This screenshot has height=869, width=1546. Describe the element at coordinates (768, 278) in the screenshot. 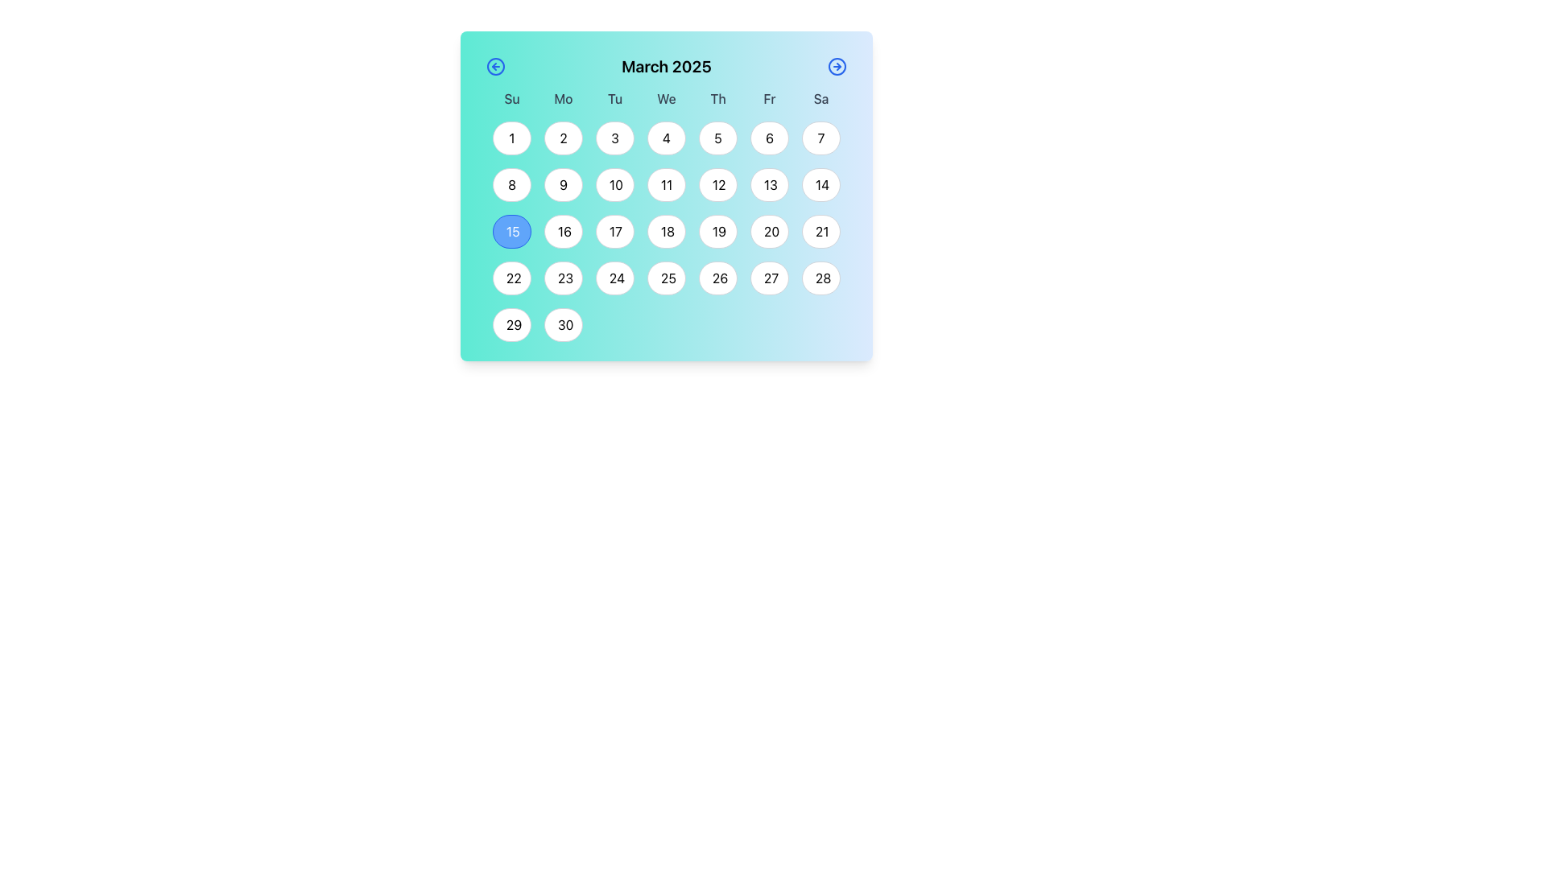

I see `the button representing day 27 in the calendar interface` at that location.